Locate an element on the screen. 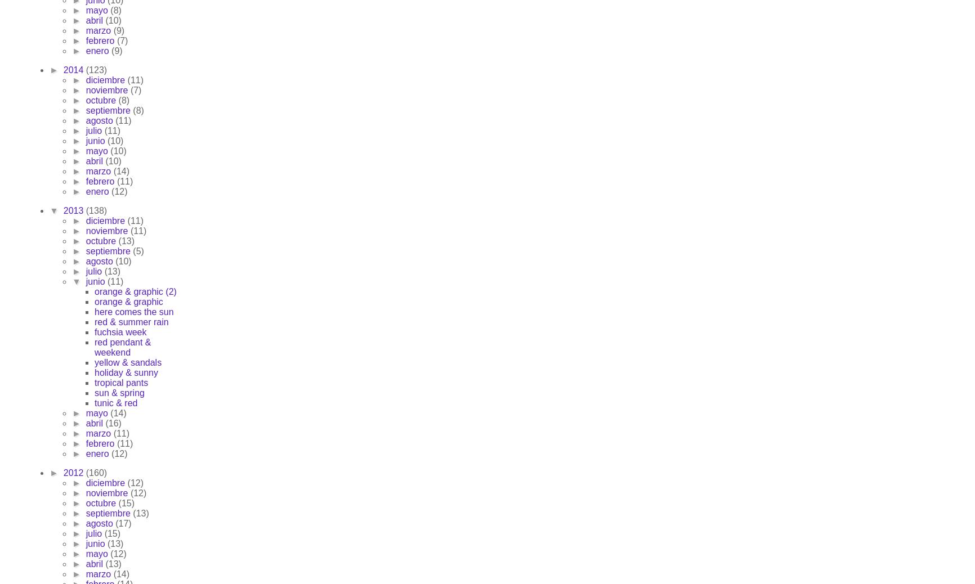 This screenshot has width=975, height=584. '2014' is located at coordinates (74, 69).